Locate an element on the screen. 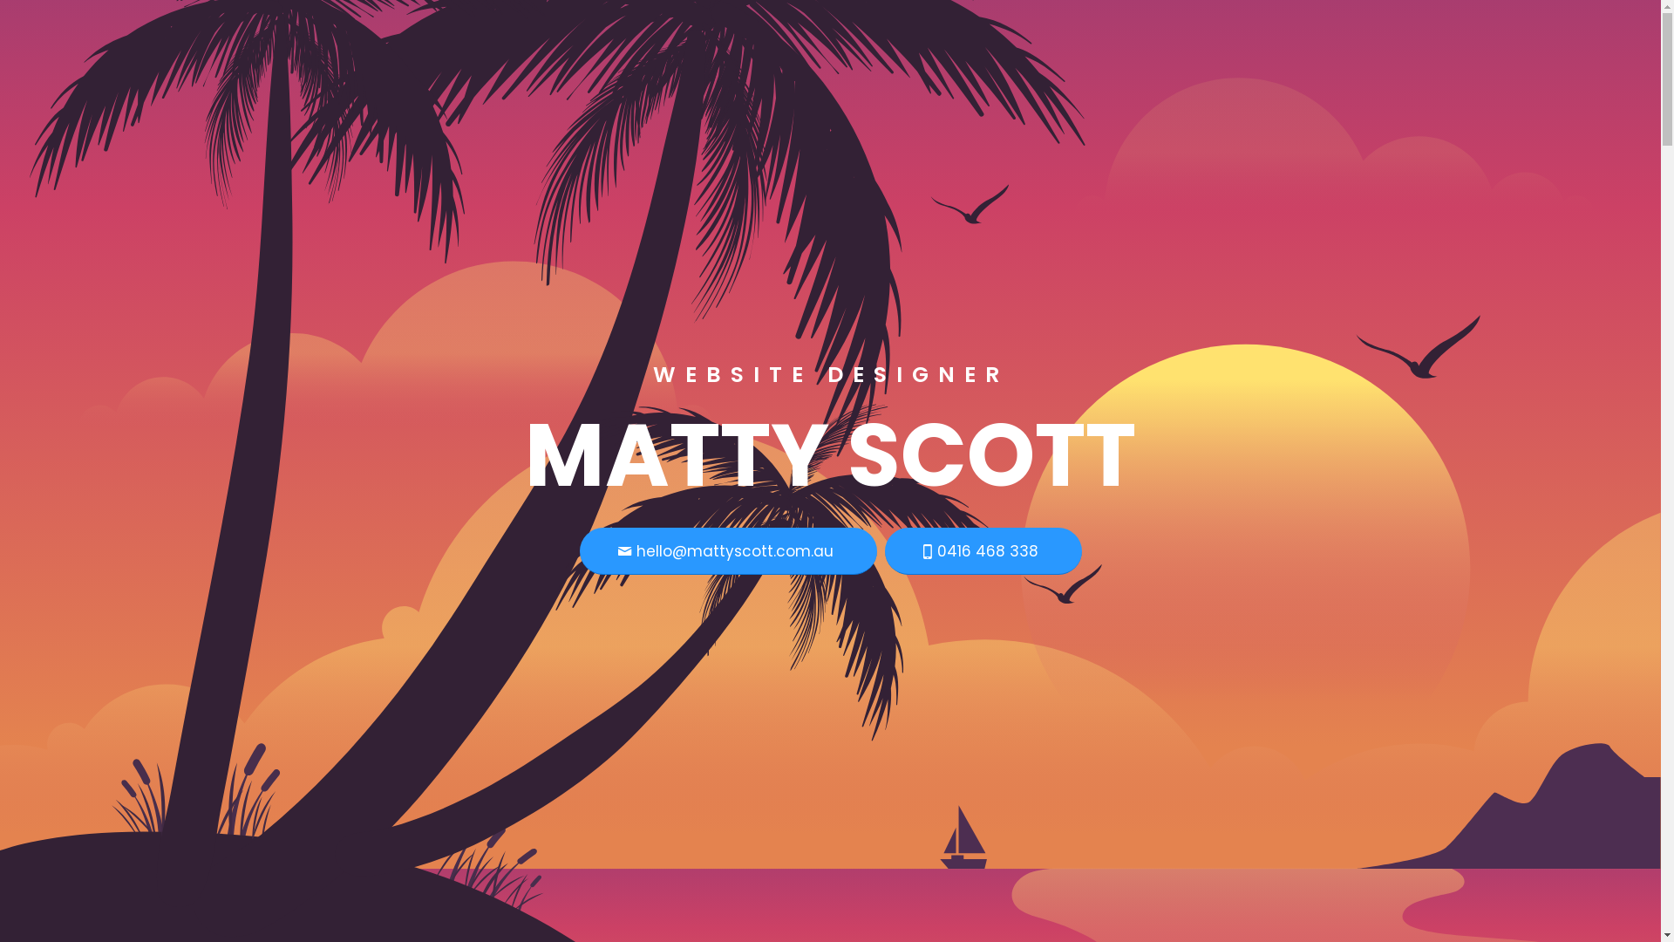 This screenshot has width=1674, height=942. 'hello@mattyscott.com.au' is located at coordinates (727, 551).